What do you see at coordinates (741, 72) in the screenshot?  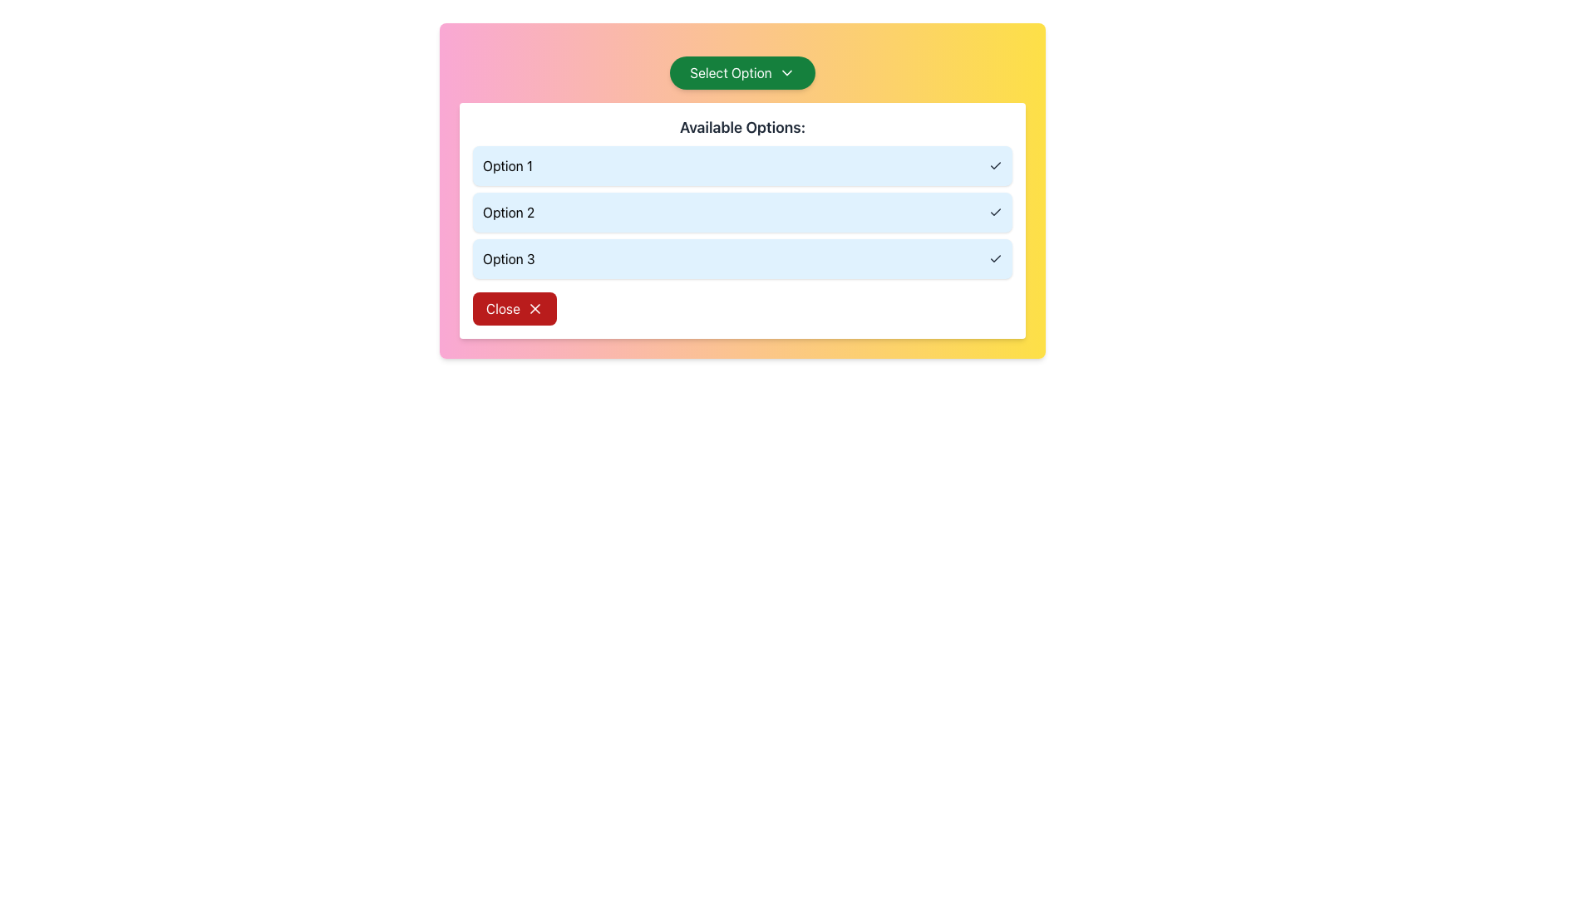 I see `the green button labeled 'Select Option' with a downward arrow icon` at bounding box center [741, 72].